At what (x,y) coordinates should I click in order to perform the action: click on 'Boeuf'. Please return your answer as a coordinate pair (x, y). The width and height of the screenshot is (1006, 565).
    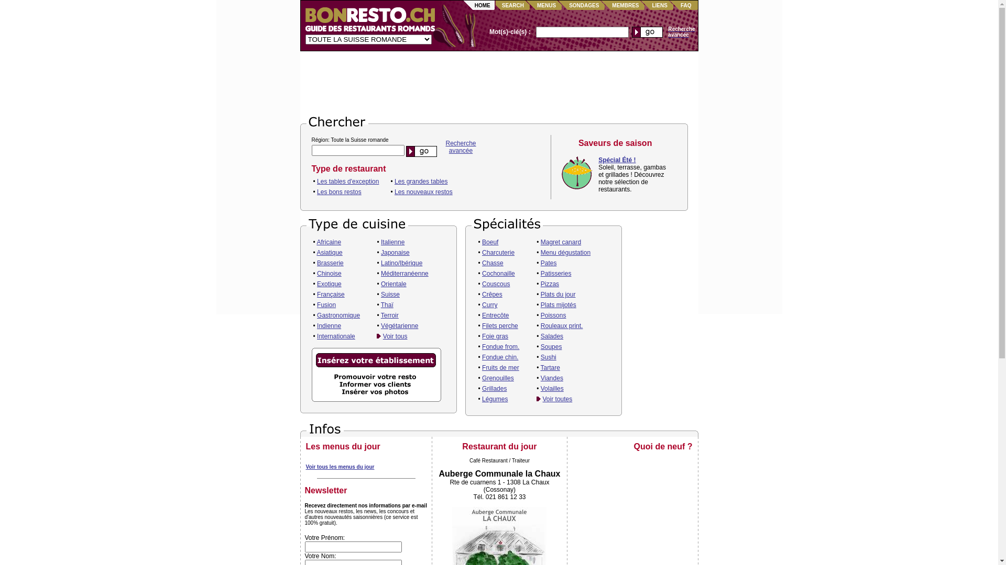
    Looking at the image, I should click on (482, 242).